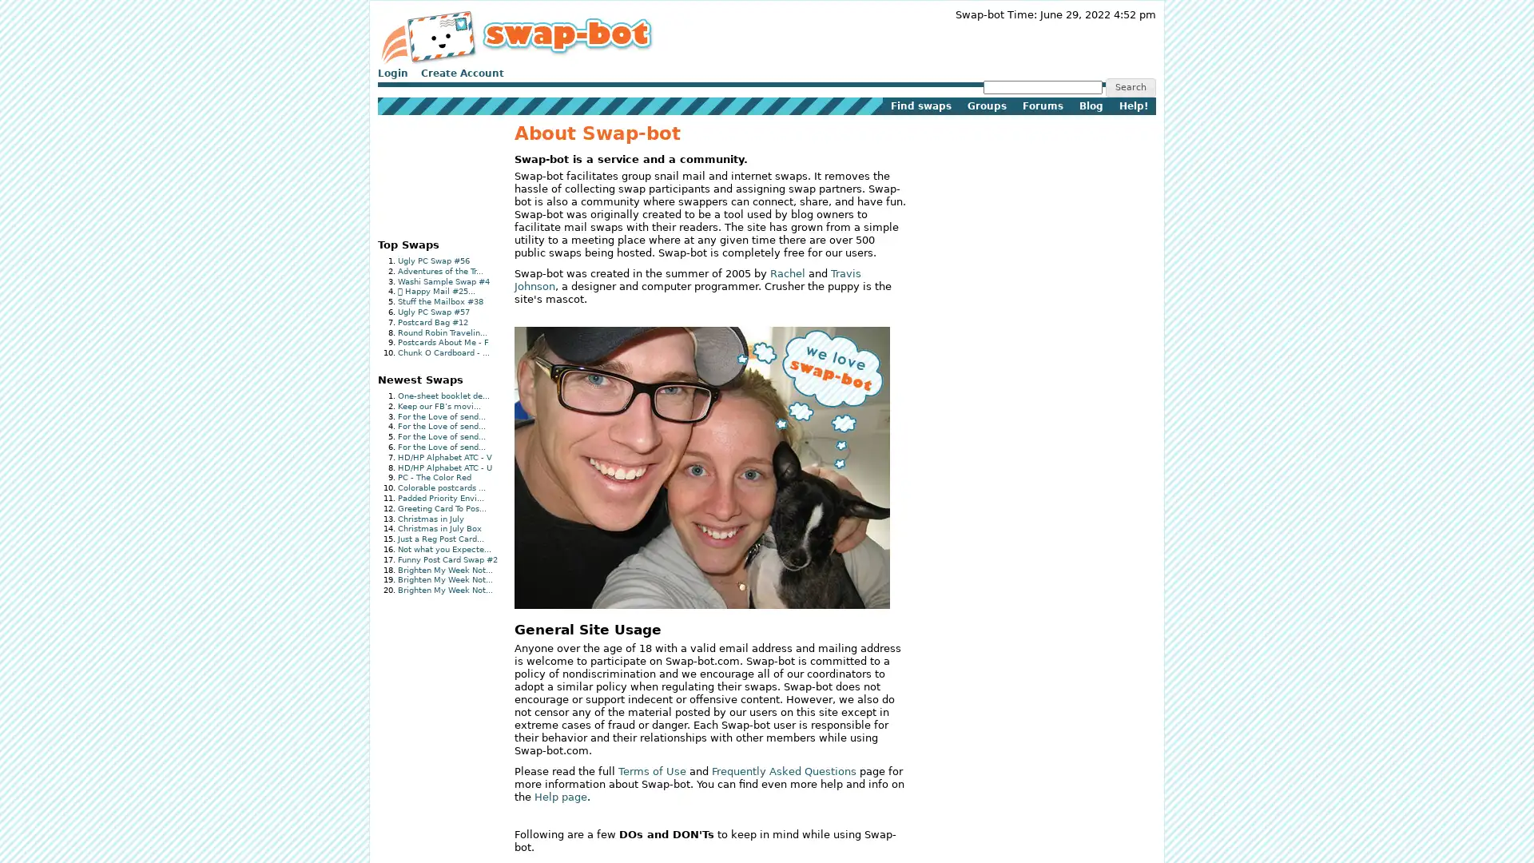 Image resolution: width=1534 pixels, height=863 pixels. I want to click on Search, so click(1129, 87).